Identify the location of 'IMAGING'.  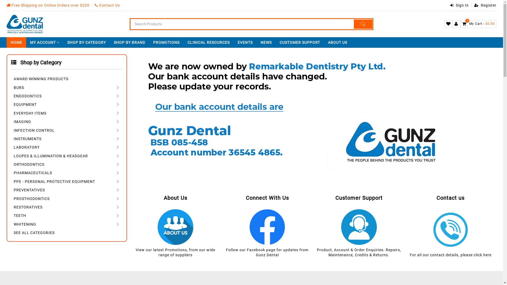
(67, 121).